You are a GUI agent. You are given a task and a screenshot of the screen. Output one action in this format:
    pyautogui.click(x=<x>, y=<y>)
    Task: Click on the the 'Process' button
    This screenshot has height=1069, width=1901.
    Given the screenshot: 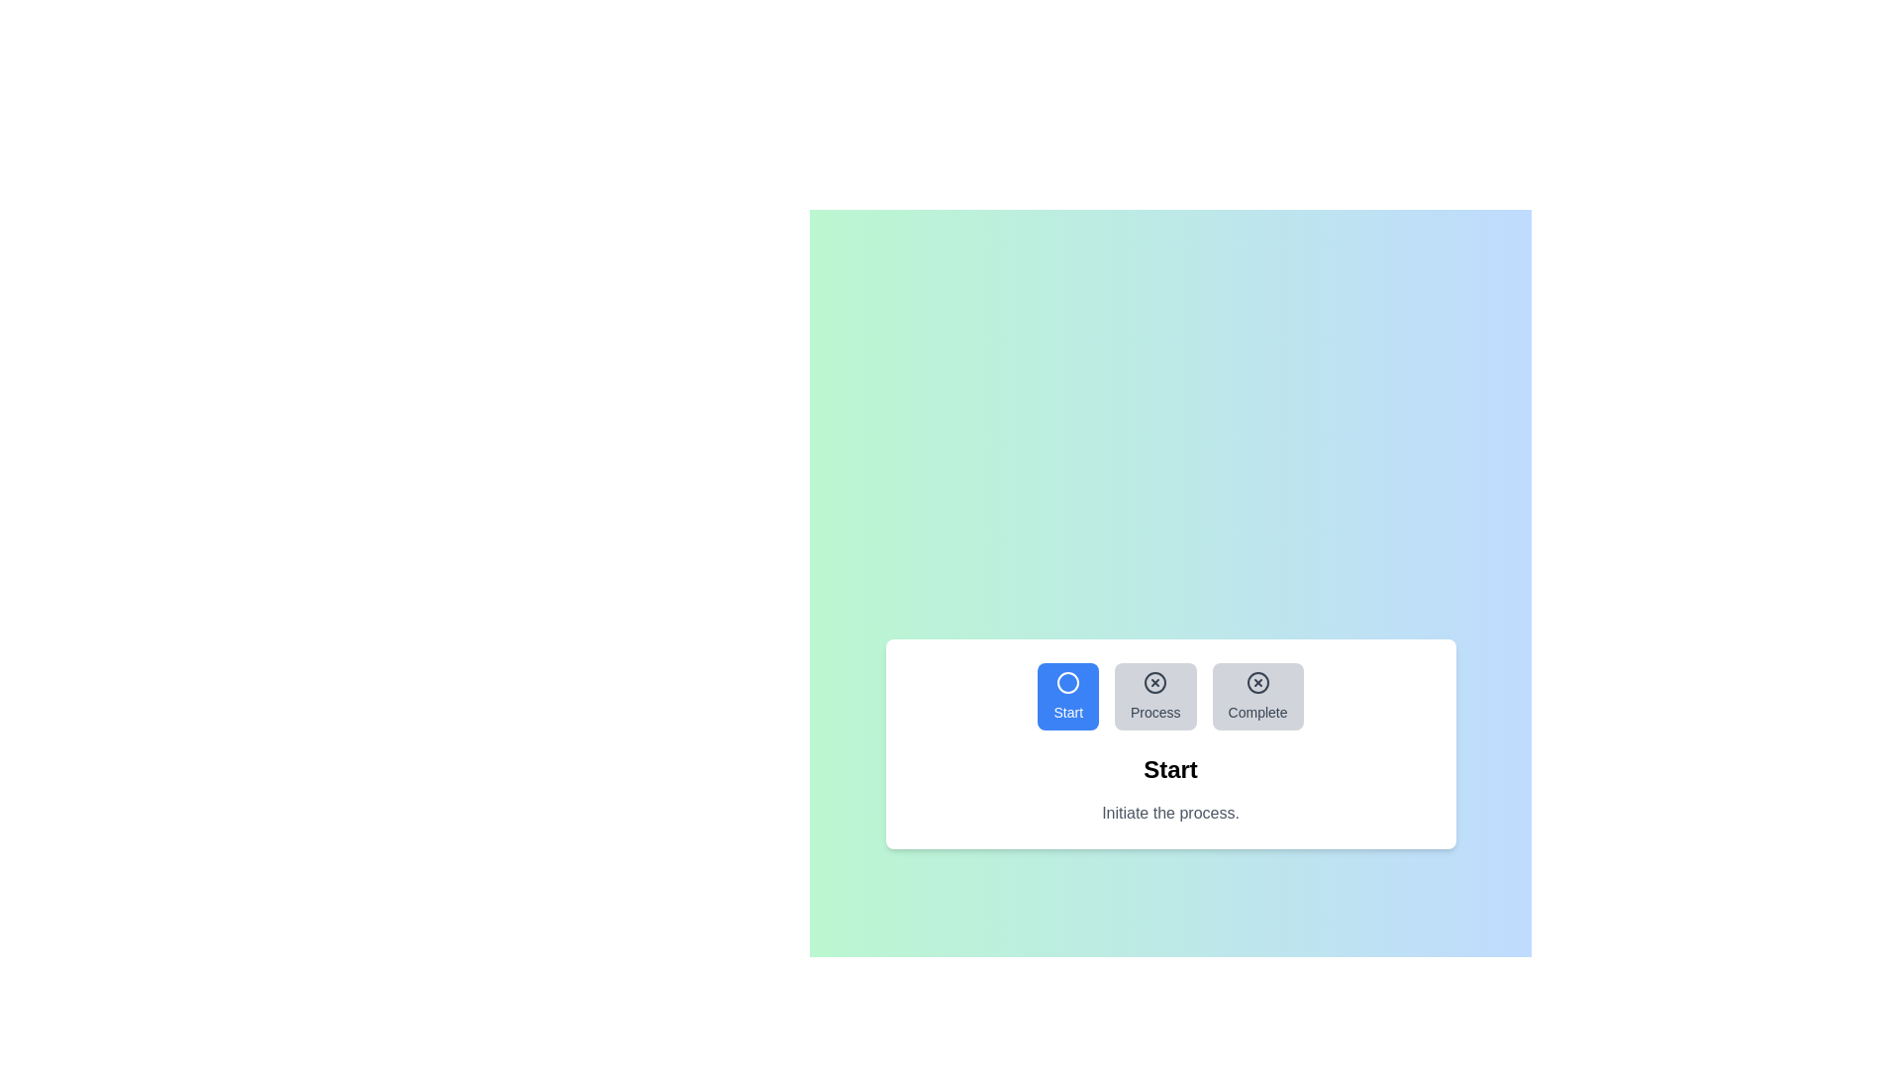 What is the action you would take?
    pyautogui.click(x=1155, y=696)
    